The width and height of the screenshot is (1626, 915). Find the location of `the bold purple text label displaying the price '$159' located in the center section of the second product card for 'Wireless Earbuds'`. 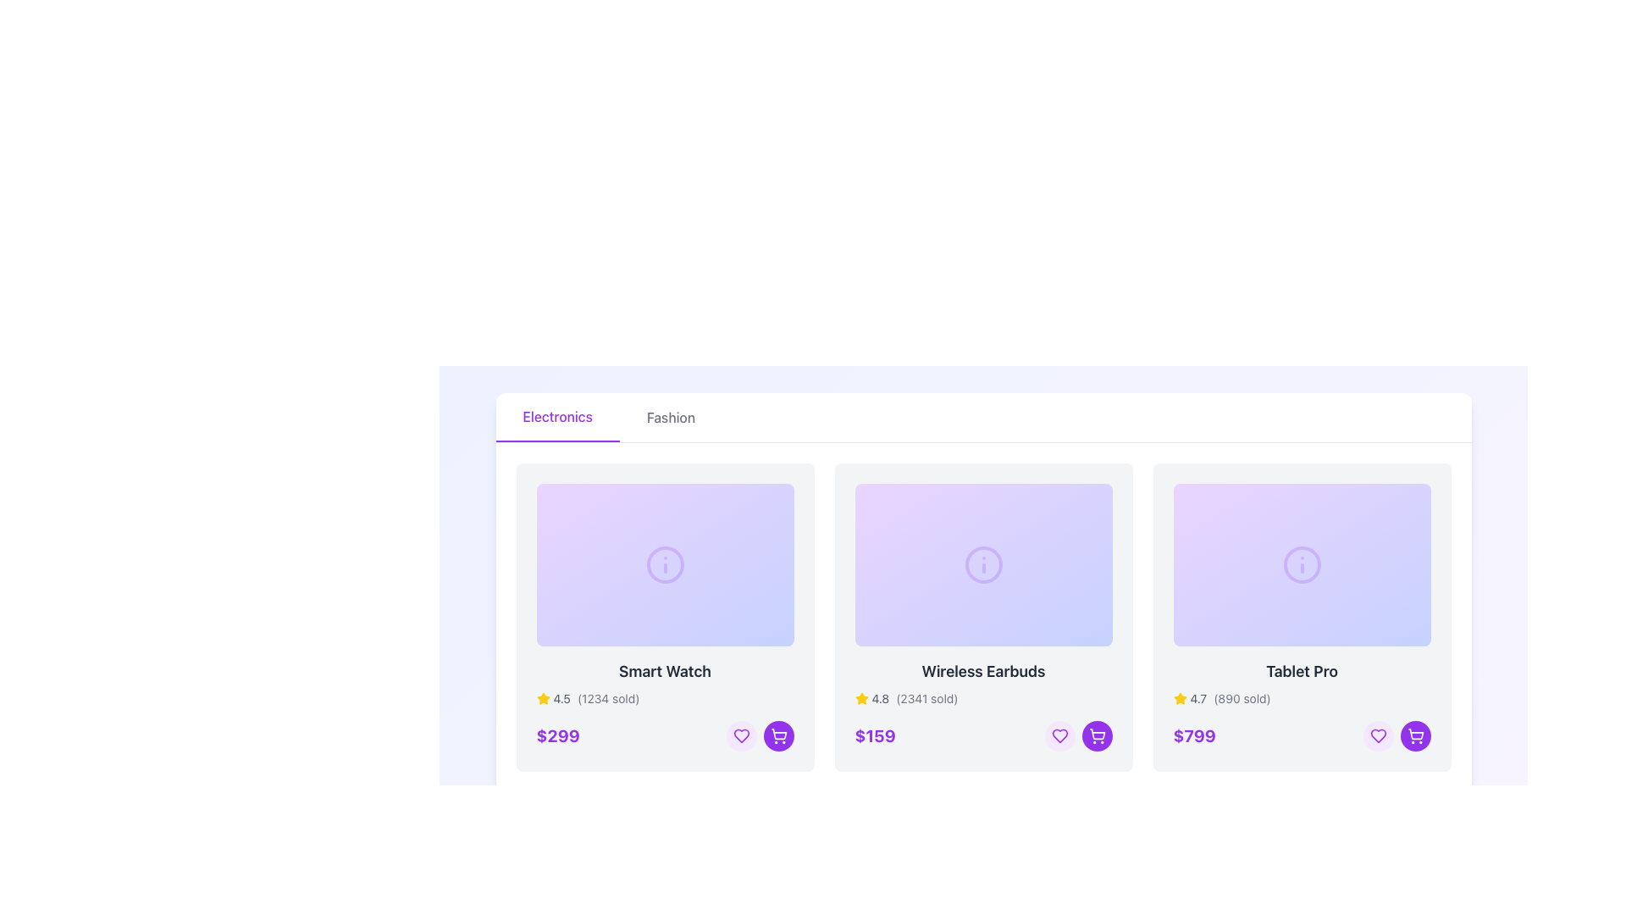

the bold purple text label displaying the price '$159' located in the center section of the second product card for 'Wireless Earbuds' is located at coordinates (875, 735).